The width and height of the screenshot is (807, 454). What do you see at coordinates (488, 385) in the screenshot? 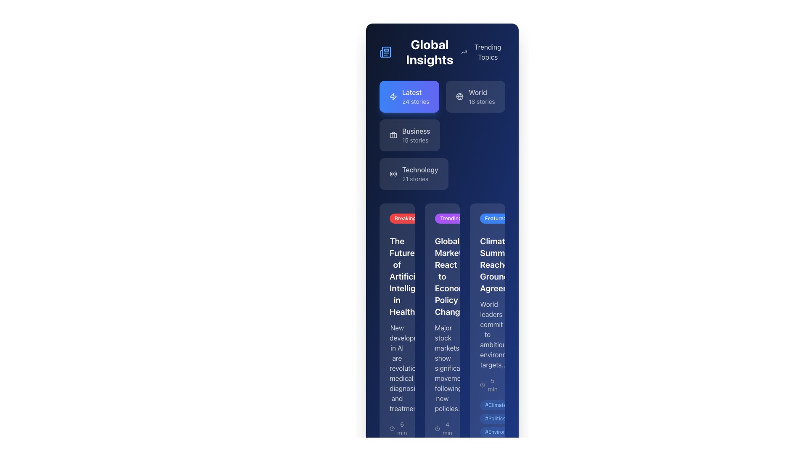
I see `the reading time icon located below the subtitle 'World leaders commit to ambitious environmental targets...' and above the hashtags '#Climate #Politics #Environment' in the 'Featured' section of the 'Global Insights' interface` at bounding box center [488, 385].